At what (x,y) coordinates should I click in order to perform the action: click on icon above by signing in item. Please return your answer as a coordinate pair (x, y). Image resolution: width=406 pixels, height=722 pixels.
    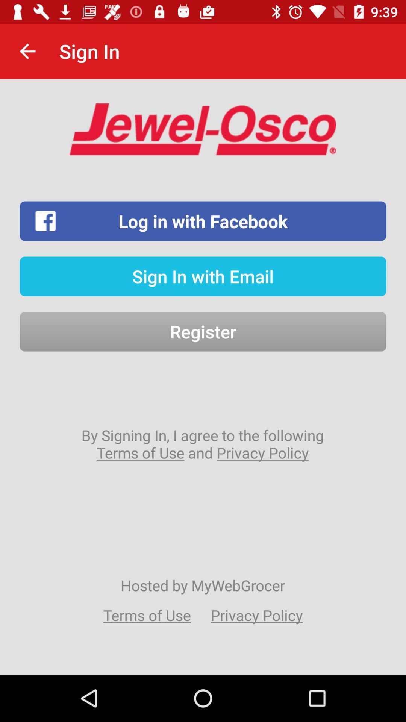
    Looking at the image, I should click on (203, 331).